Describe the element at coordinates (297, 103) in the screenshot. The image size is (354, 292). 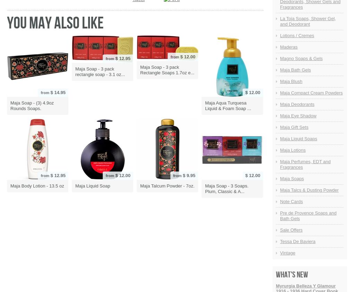
I see `'Maja Deodorants'` at that location.